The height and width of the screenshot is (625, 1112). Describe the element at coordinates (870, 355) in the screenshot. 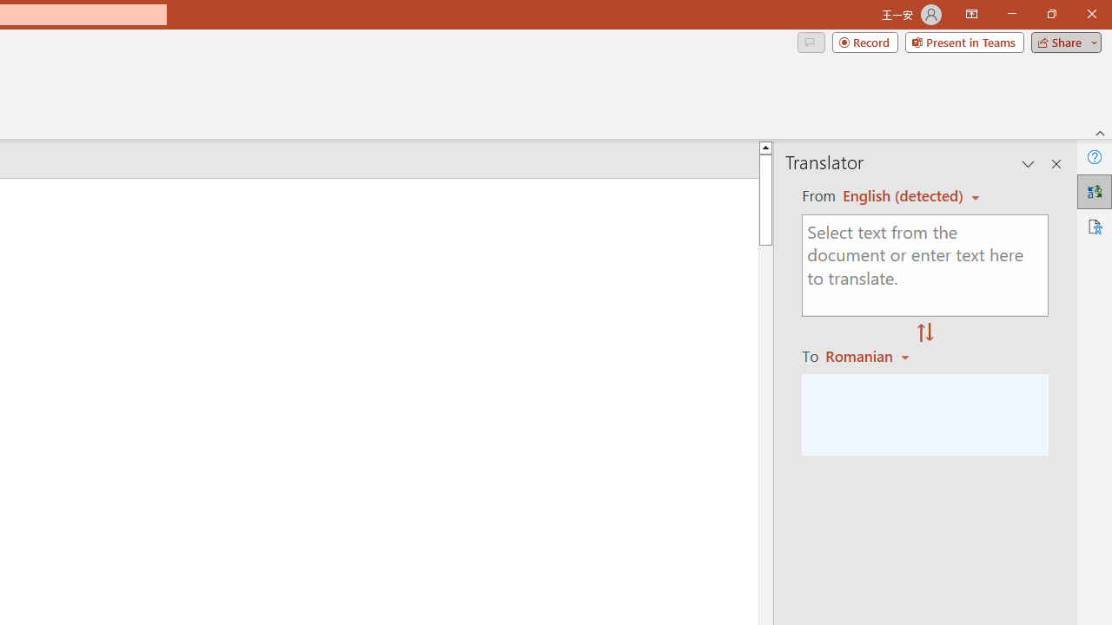

I see `'Romanian'` at that location.